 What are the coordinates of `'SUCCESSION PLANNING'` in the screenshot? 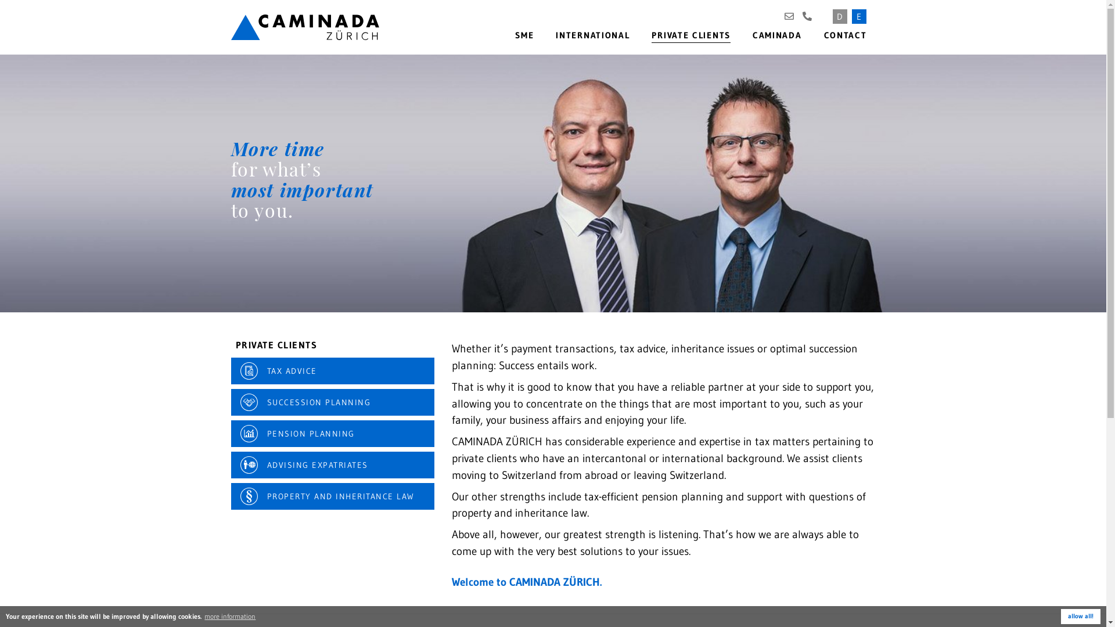 It's located at (332, 402).